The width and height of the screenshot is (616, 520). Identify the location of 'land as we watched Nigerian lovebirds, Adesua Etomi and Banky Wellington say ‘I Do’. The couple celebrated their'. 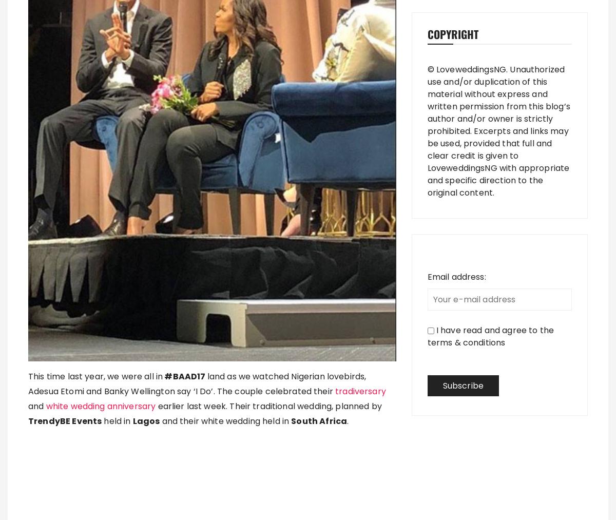
(197, 383).